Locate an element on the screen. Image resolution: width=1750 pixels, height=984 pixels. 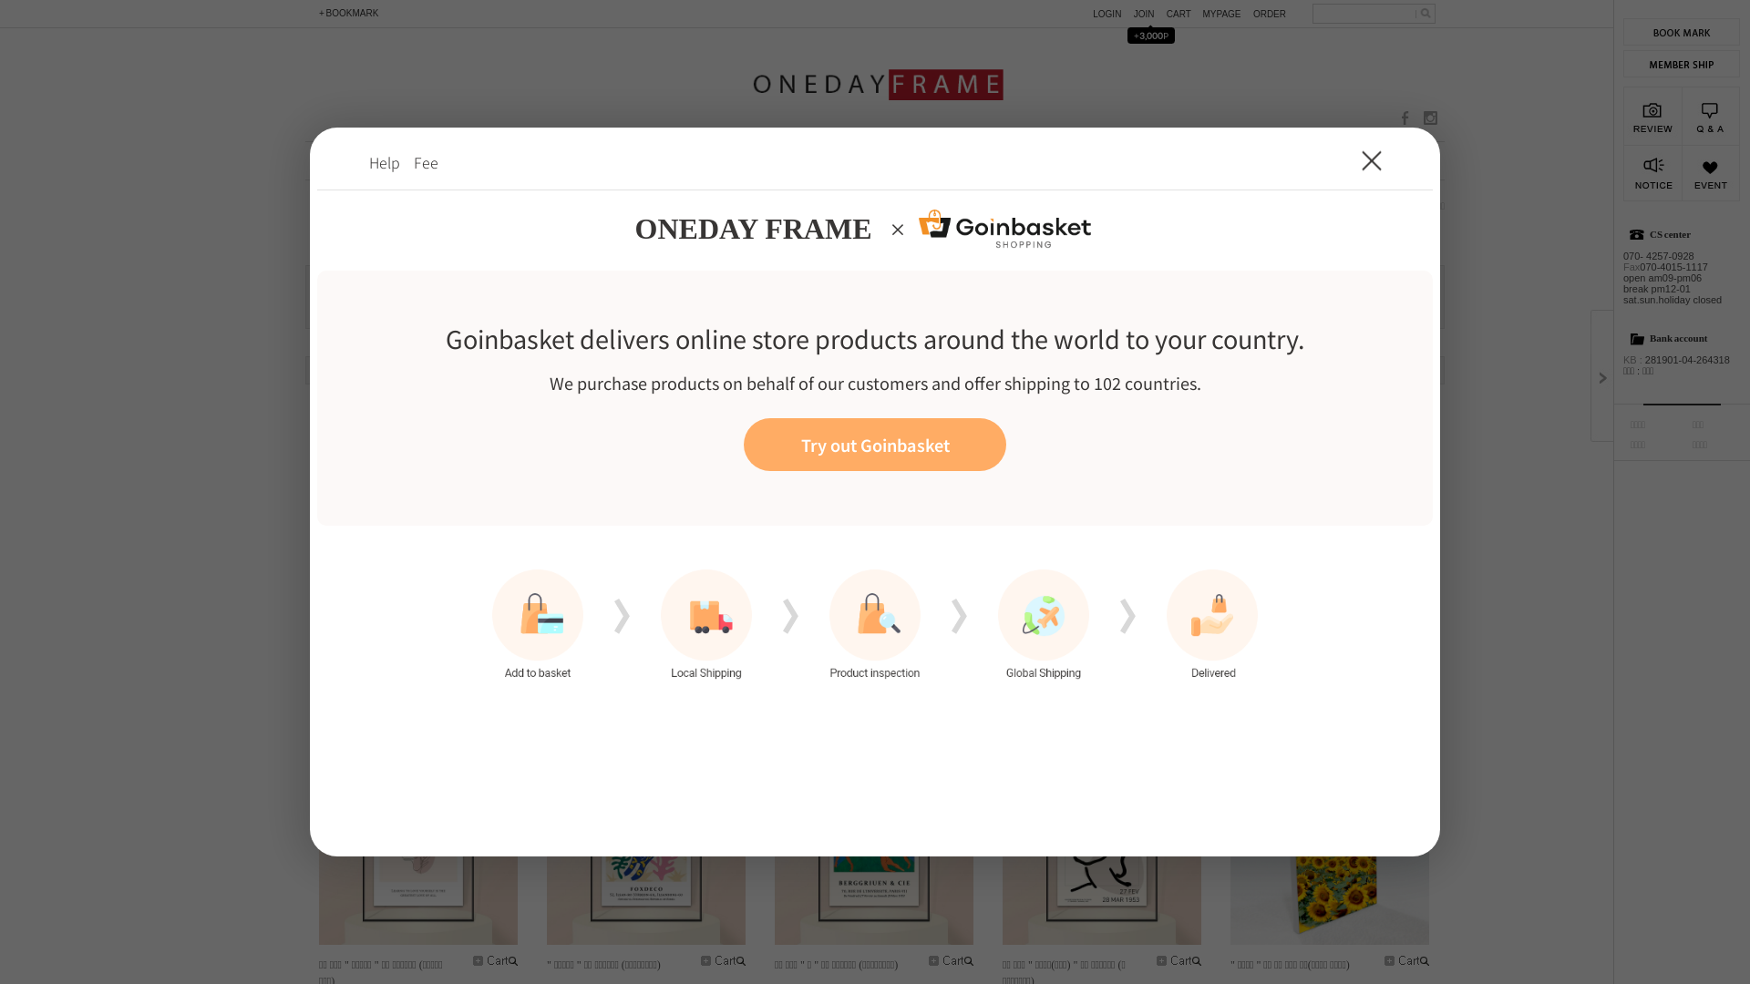
'LOGIN' is located at coordinates (1110, 14).